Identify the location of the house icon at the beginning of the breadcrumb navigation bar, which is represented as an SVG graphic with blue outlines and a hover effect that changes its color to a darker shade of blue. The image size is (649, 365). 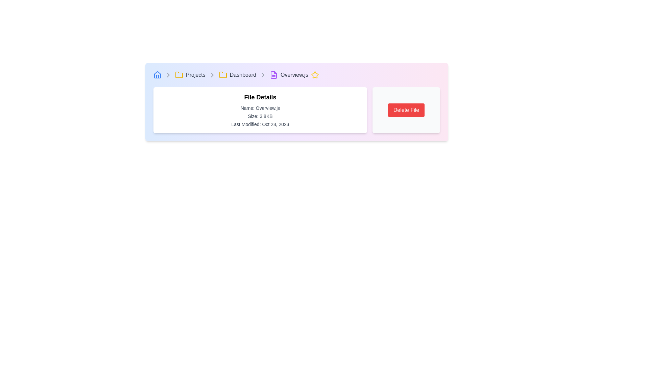
(157, 75).